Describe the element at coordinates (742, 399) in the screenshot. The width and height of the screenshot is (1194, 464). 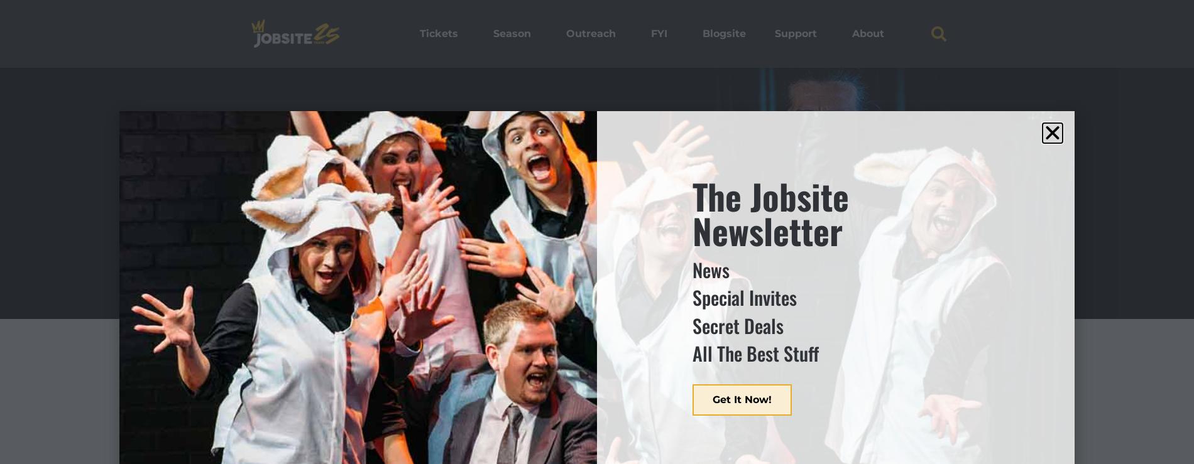
I see `'Get It Now!'` at that location.